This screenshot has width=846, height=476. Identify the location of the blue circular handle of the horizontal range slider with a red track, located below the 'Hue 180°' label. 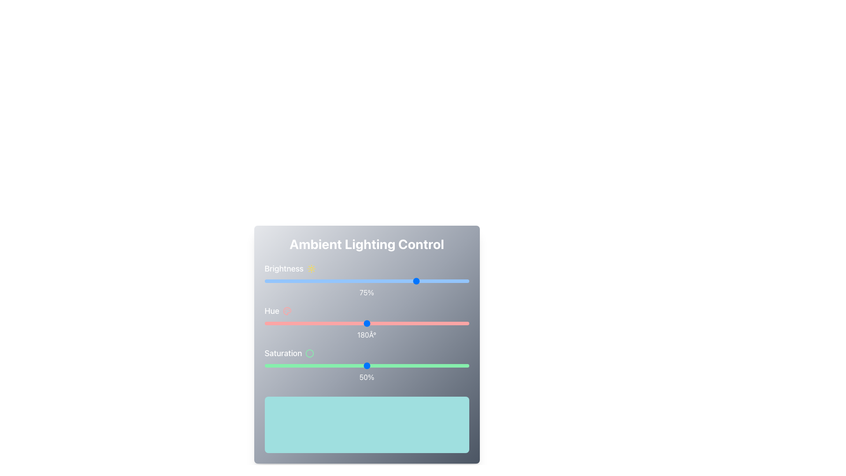
(367, 323).